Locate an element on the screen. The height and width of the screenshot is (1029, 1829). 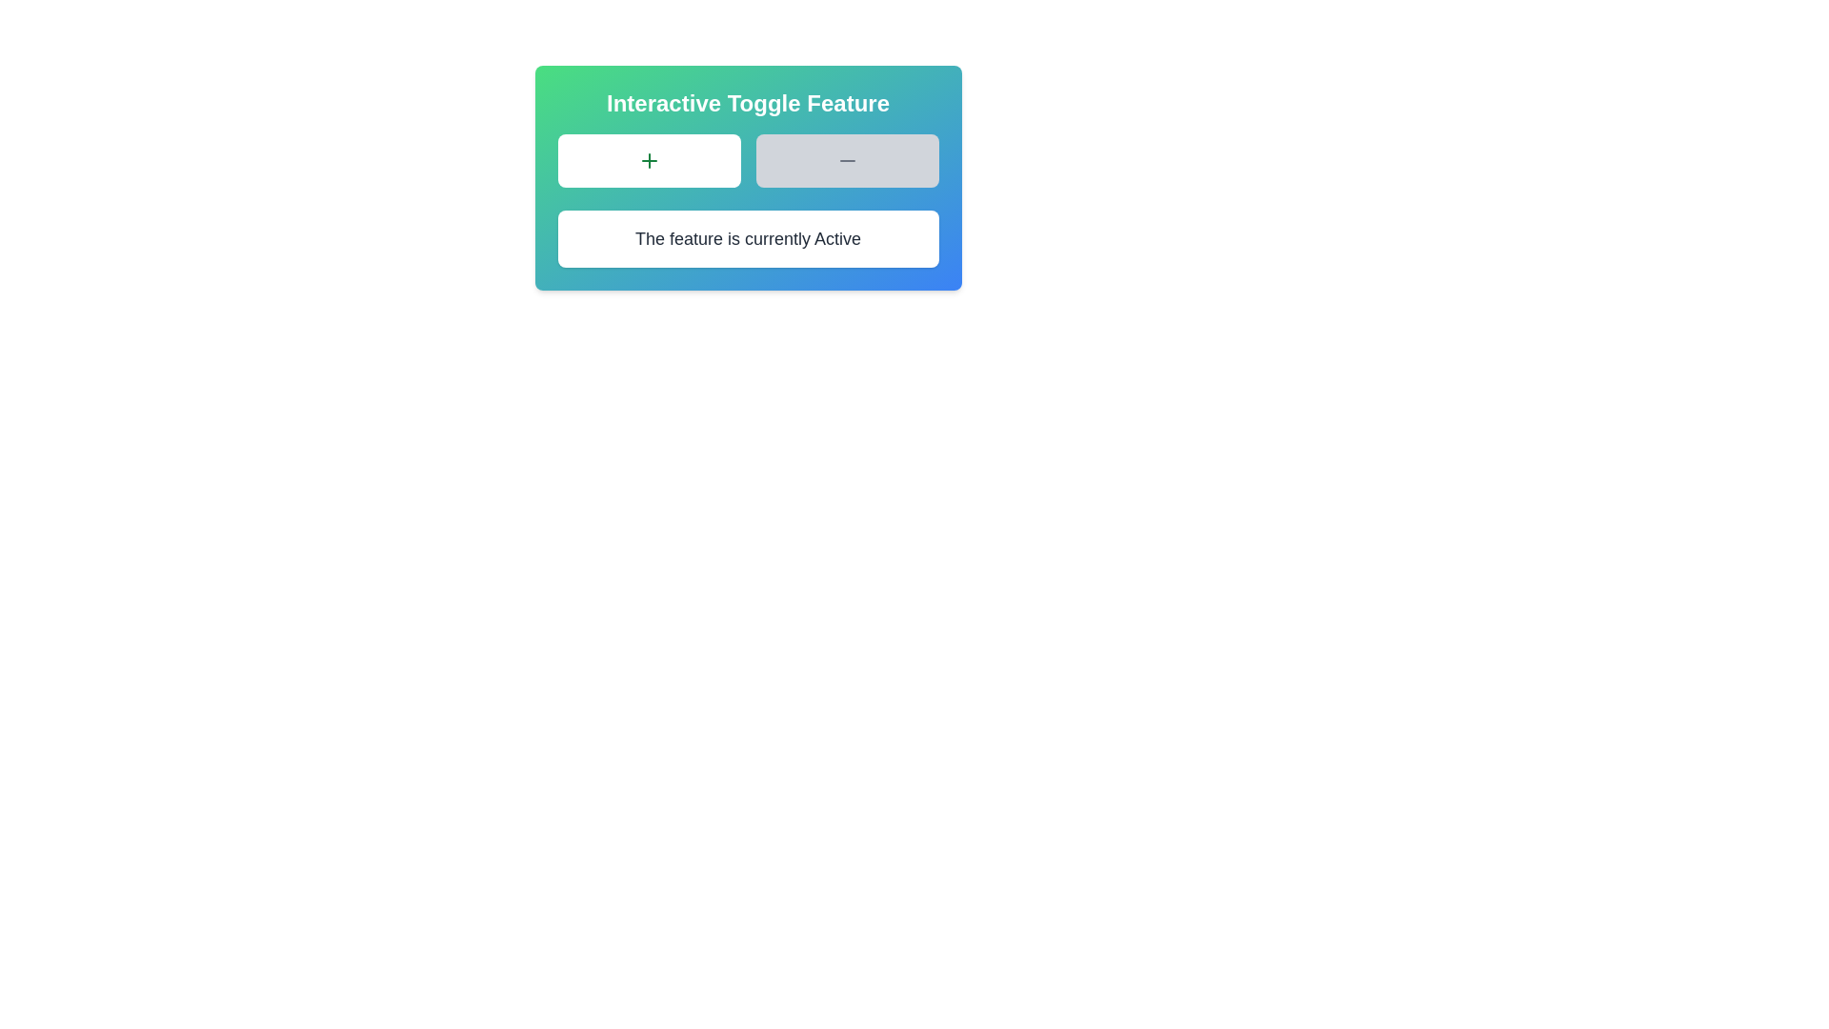
the first button on the left with a white background and green text is located at coordinates (649, 160).